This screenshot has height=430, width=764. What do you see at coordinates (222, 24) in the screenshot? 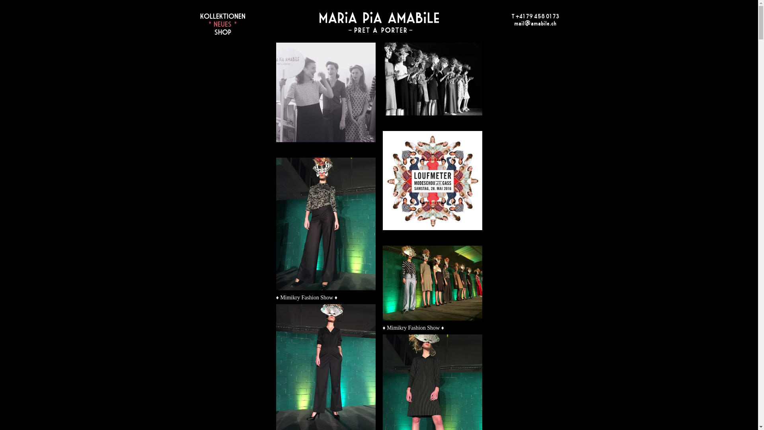
I see `'* NEUES *'` at bounding box center [222, 24].